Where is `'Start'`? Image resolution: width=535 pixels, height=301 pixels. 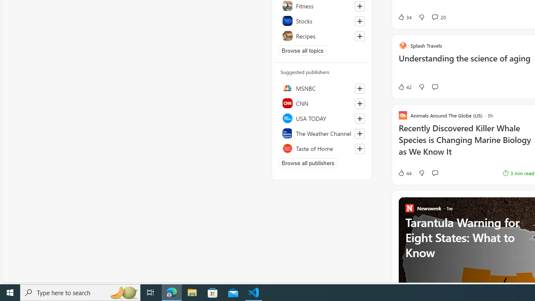
'Start' is located at coordinates (10, 292).